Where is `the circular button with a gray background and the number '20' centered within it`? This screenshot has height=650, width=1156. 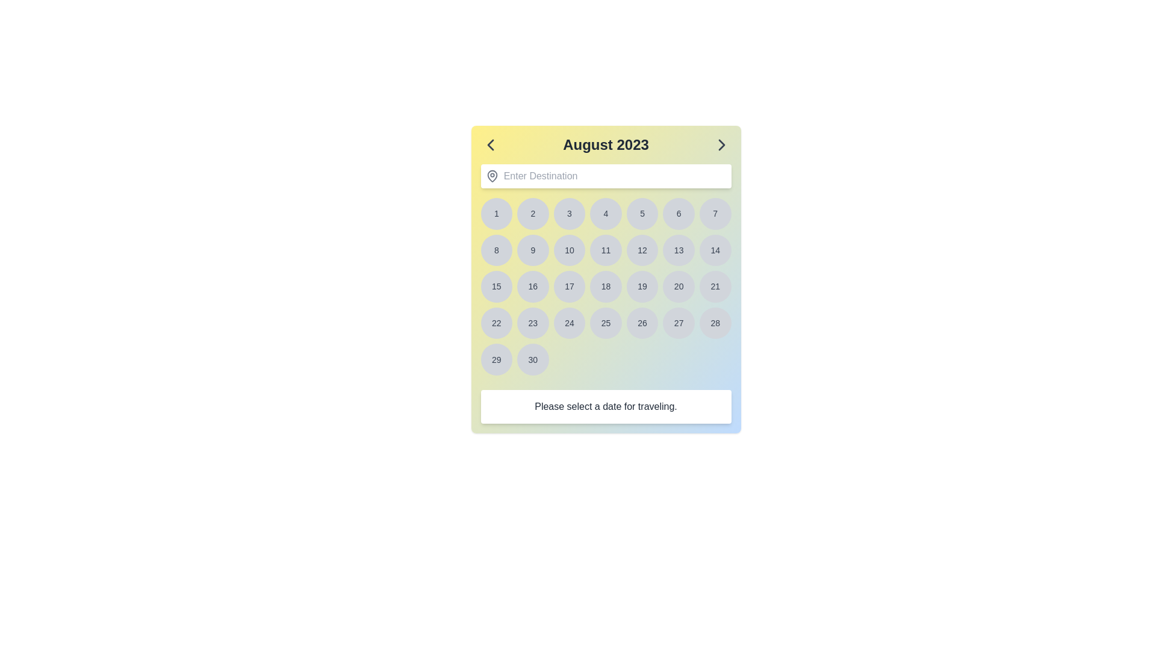
the circular button with a gray background and the number '20' centered within it is located at coordinates (679, 286).